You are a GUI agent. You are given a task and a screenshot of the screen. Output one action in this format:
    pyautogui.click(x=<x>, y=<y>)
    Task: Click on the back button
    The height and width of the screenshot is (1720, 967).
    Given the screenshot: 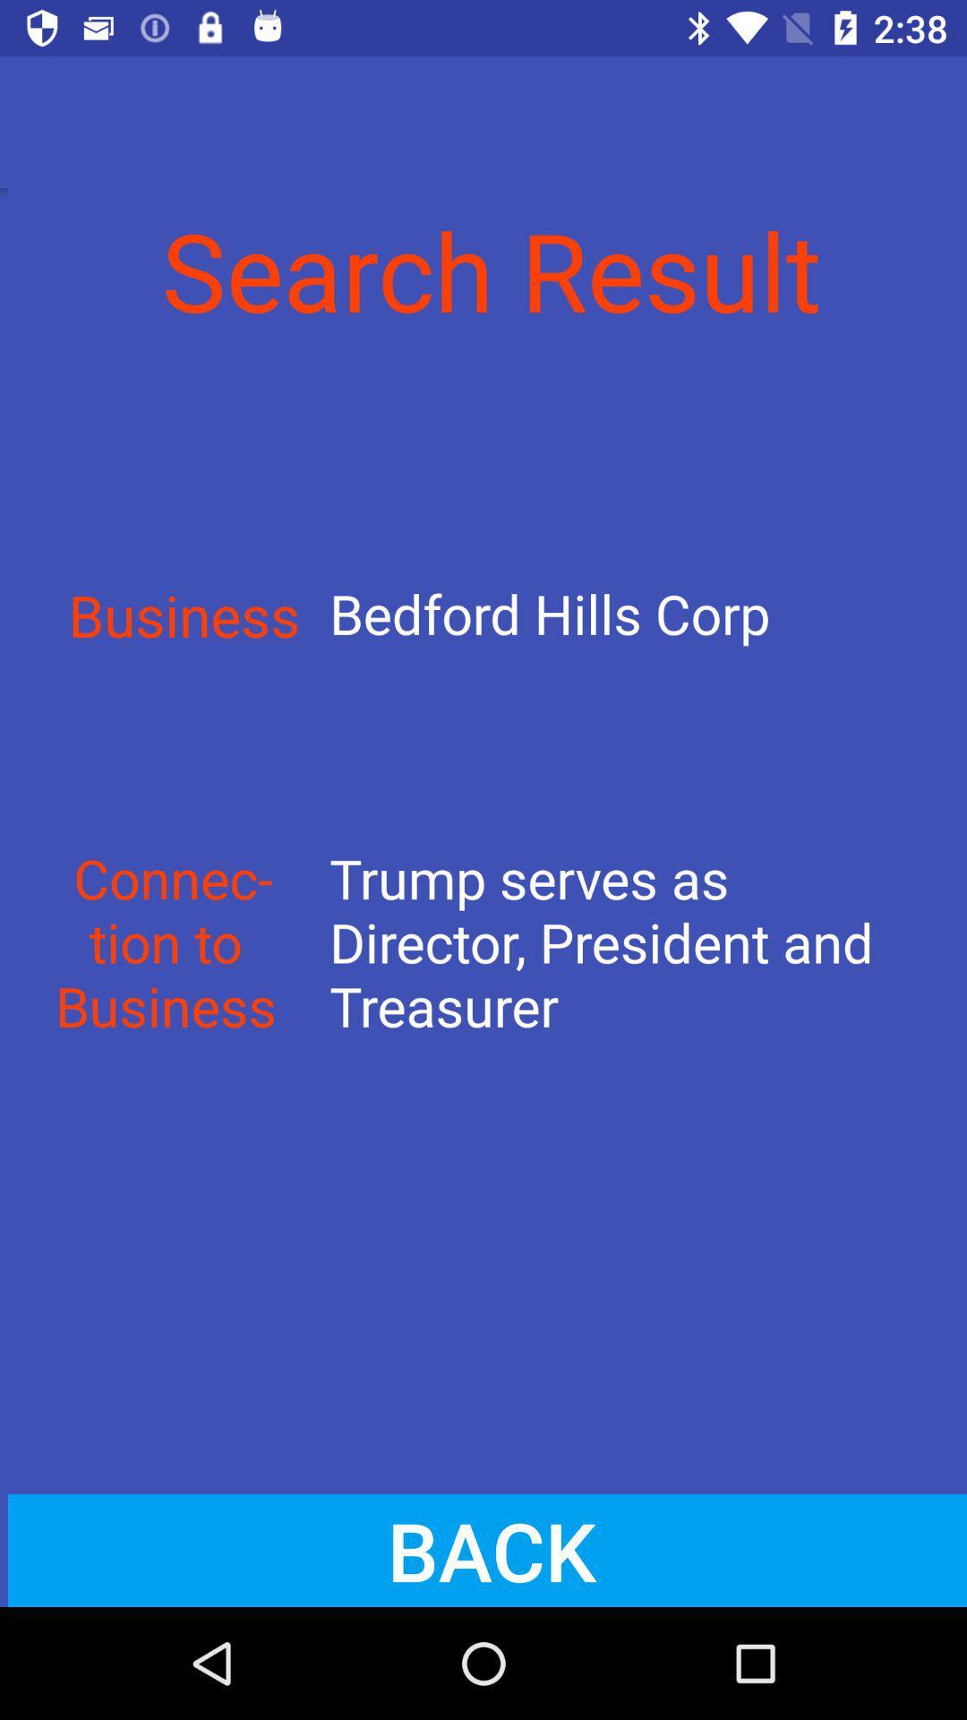 What is the action you would take?
    pyautogui.click(x=483, y=1550)
    